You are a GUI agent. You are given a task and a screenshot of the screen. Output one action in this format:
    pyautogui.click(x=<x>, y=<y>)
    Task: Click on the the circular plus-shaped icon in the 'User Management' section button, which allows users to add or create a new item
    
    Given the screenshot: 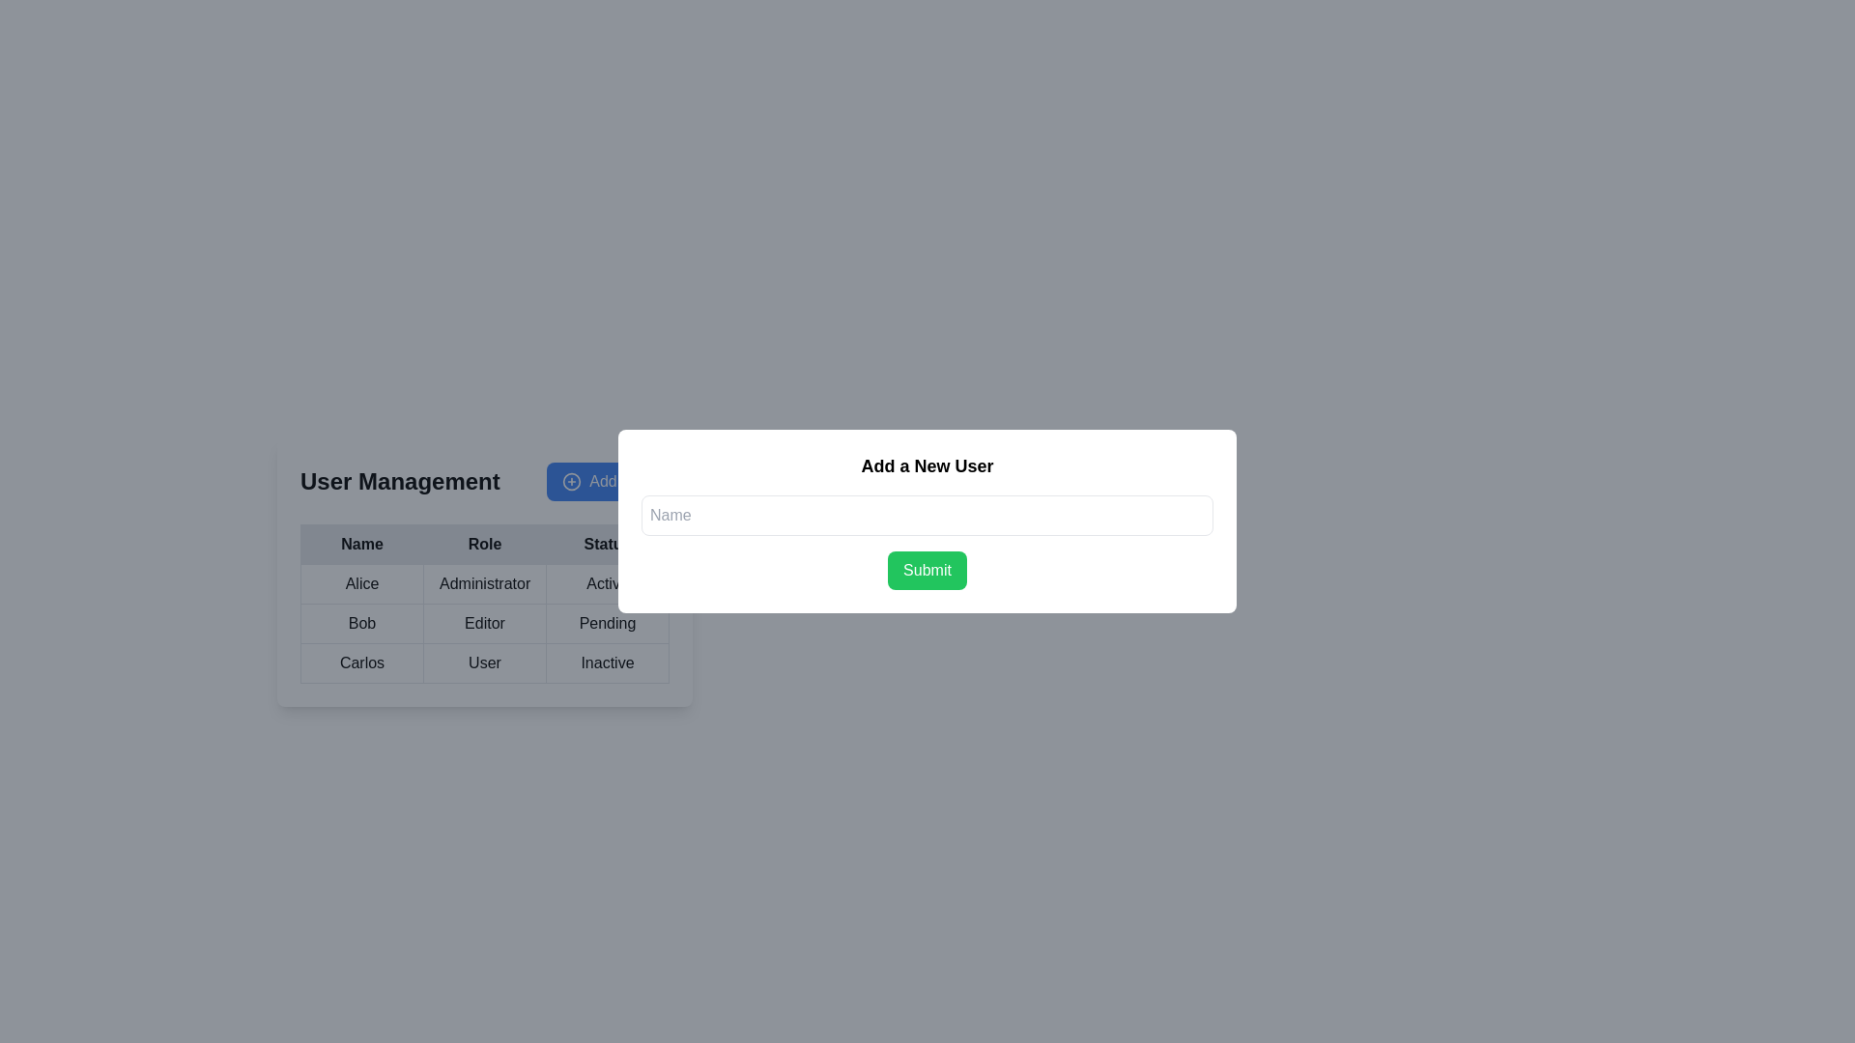 What is the action you would take?
    pyautogui.click(x=571, y=480)
    